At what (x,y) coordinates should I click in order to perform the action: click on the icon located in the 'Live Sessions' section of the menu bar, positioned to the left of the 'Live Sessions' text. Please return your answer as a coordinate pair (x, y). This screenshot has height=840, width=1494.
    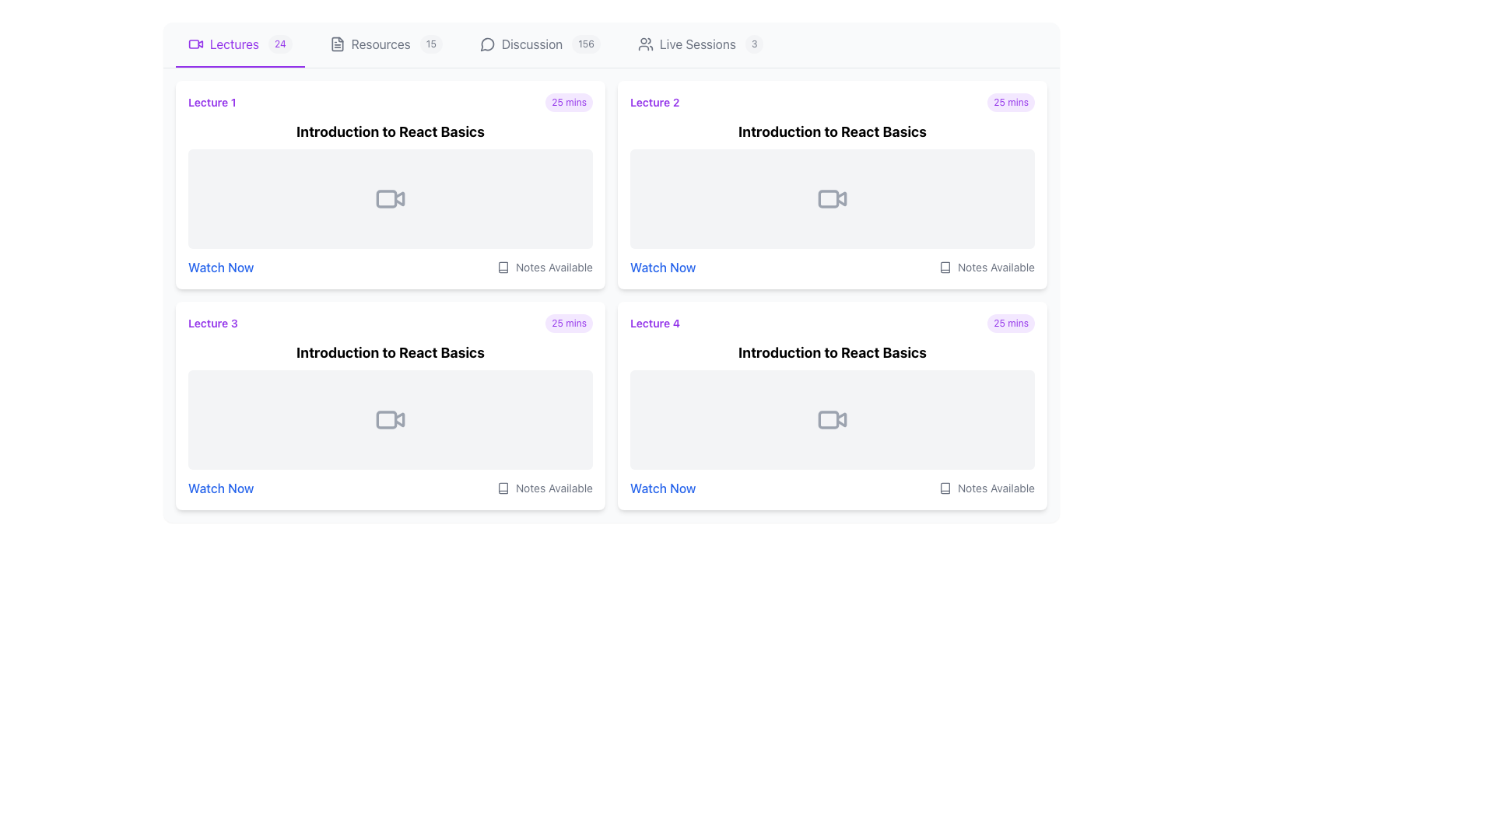
    Looking at the image, I should click on (645, 44).